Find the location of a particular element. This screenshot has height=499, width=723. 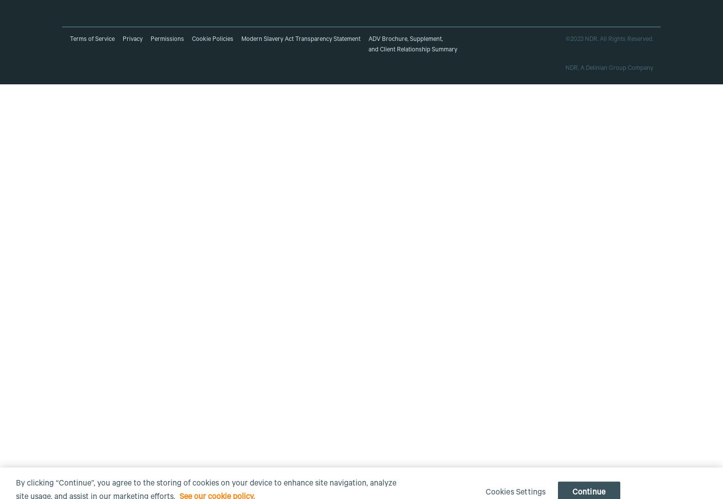

'ADV Brochure, Supplement,' is located at coordinates (405, 39).